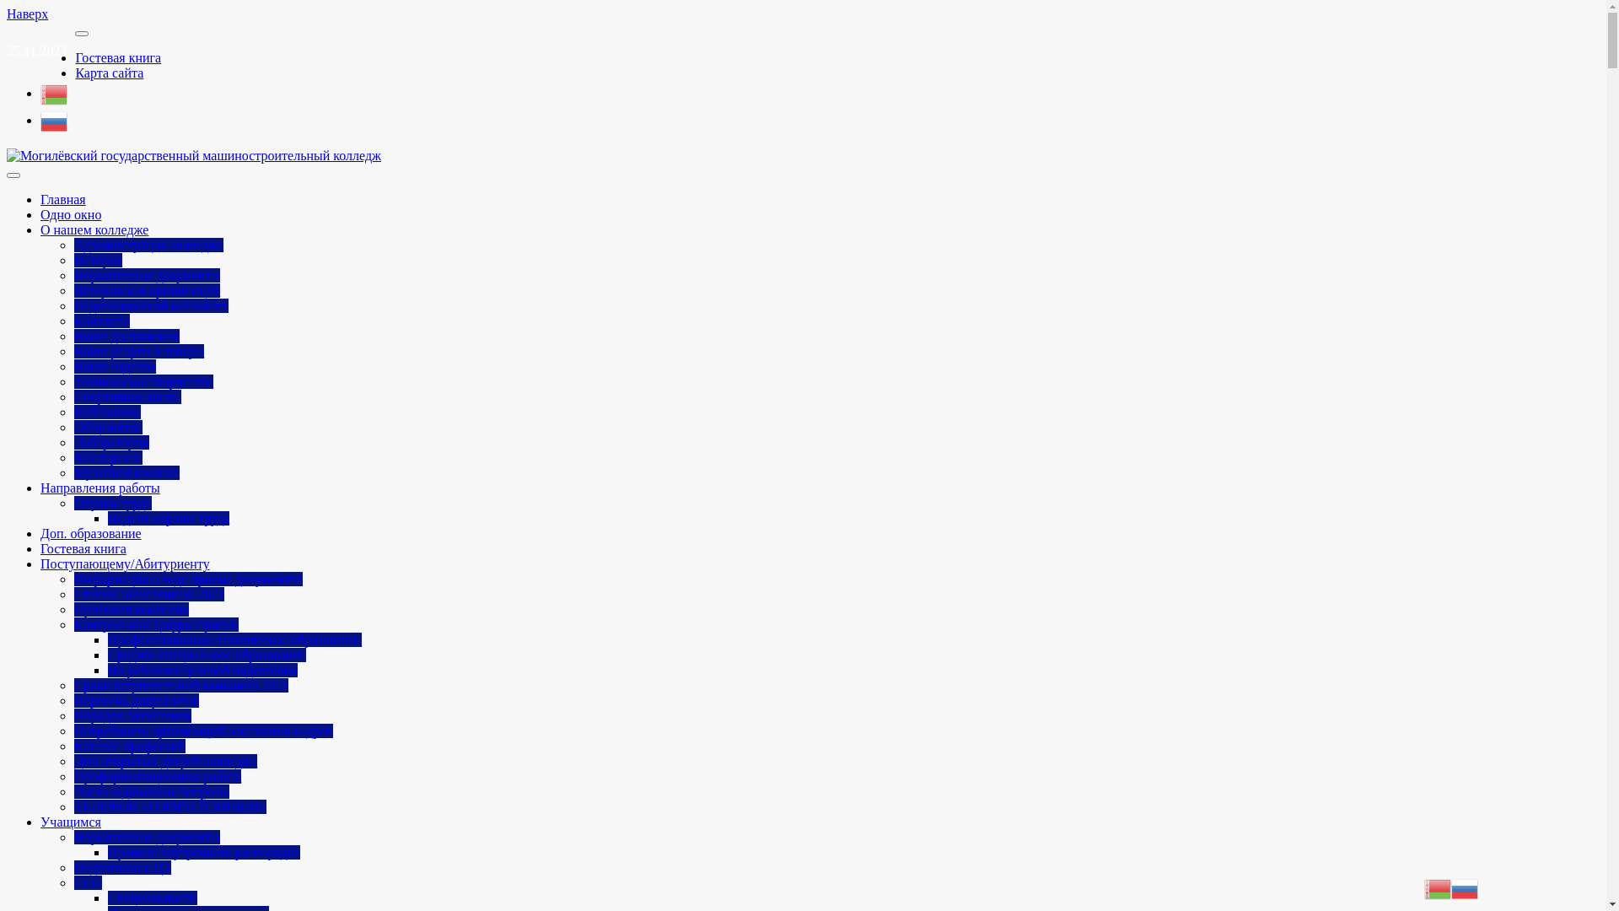 This screenshot has height=911, width=1619. I want to click on 'Toggle navigation', so click(7, 175).